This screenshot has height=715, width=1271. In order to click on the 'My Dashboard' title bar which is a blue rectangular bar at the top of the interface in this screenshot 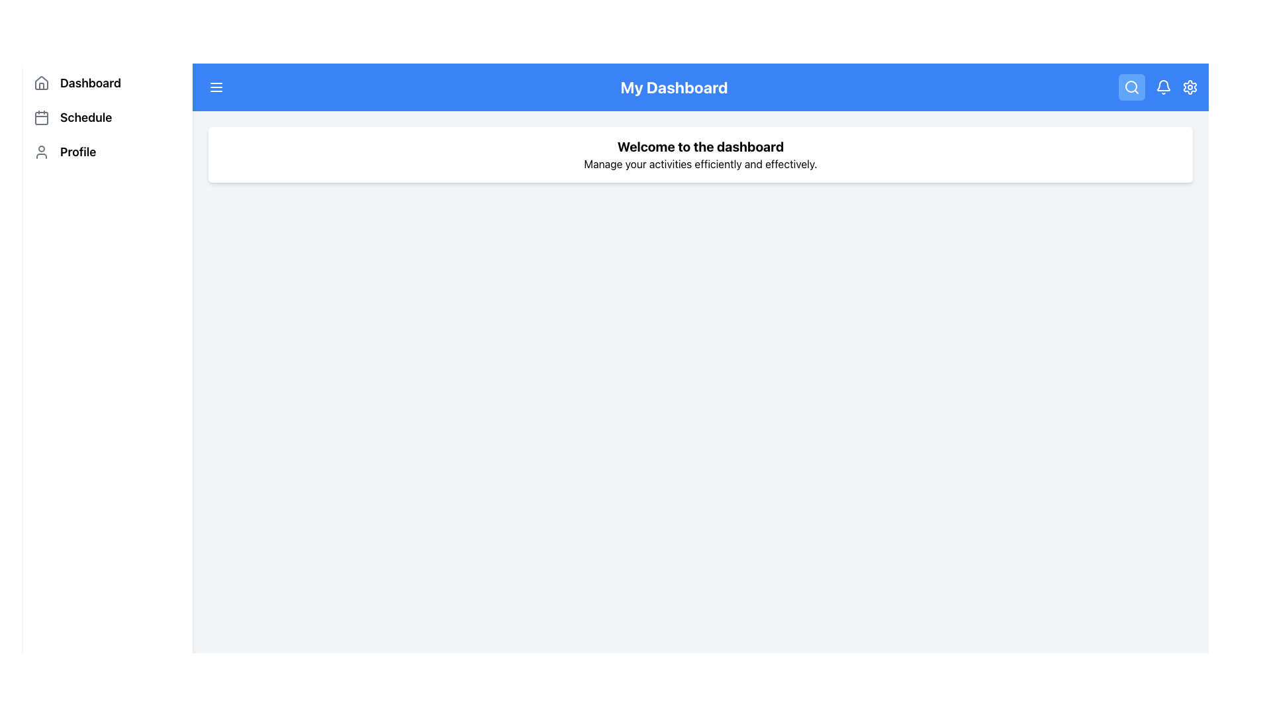, I will do `click(700, 87)`.